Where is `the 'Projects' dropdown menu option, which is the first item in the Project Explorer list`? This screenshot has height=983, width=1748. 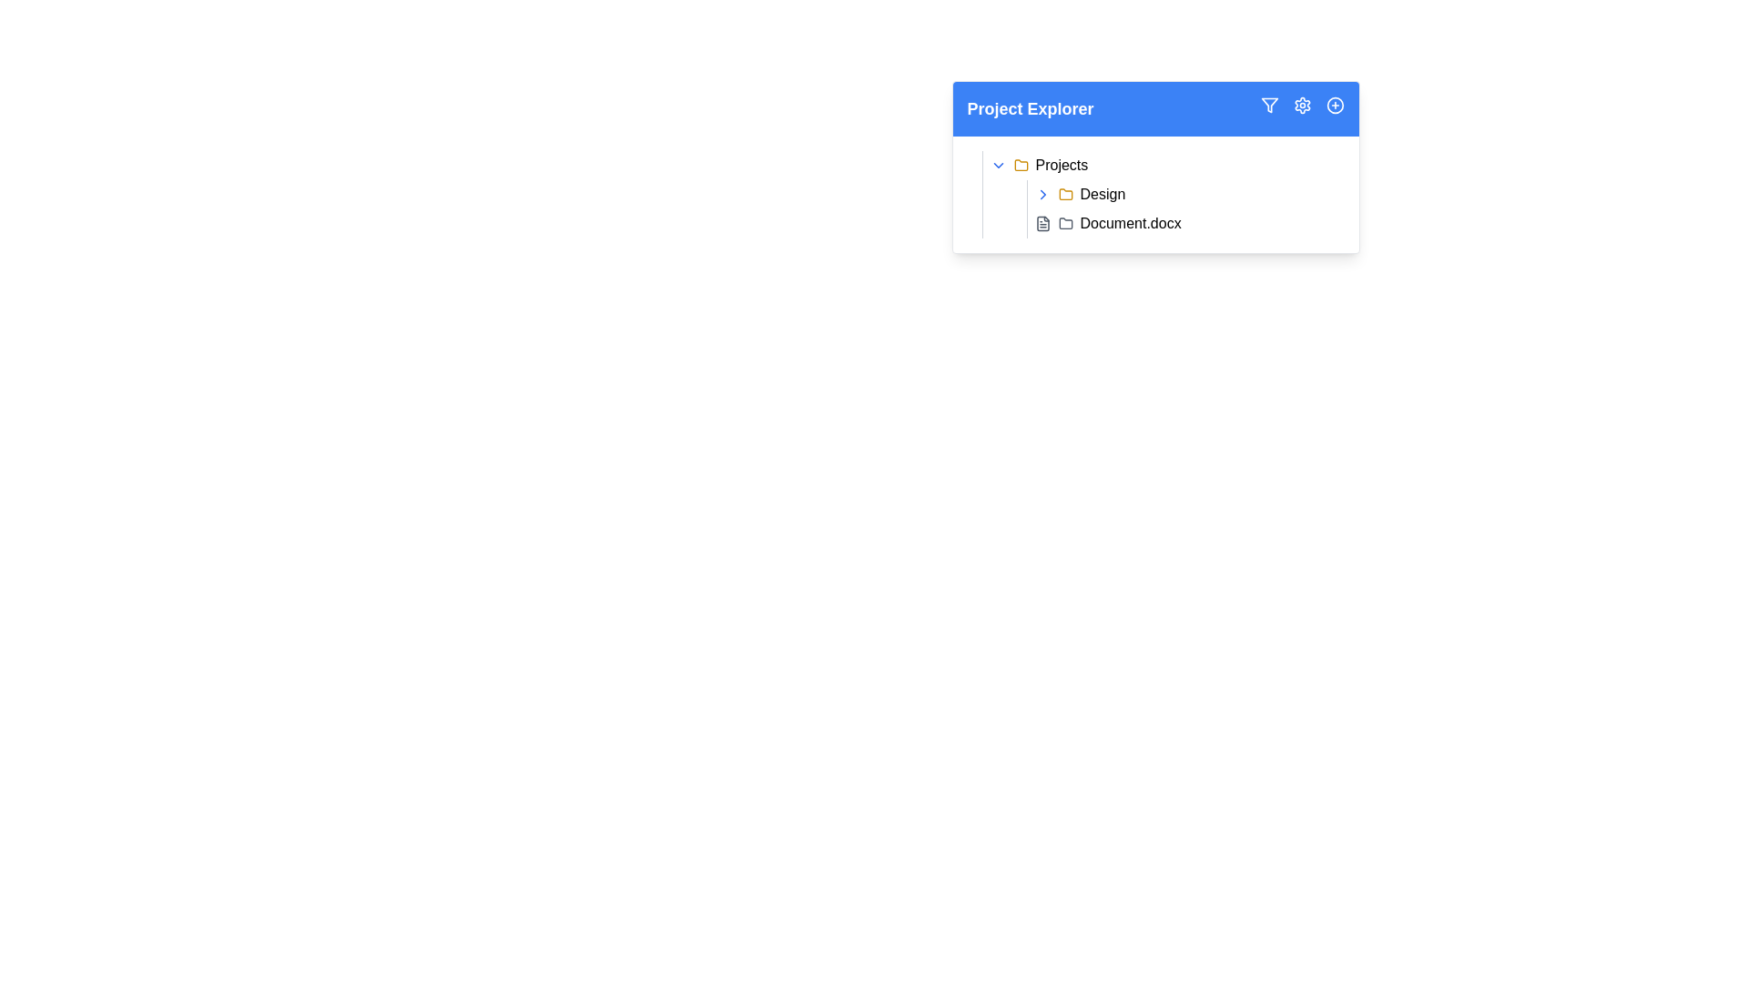 the 'Projects' dropdown menu option, which is the first item in the Project Explorer list is located at coordinates (1162, 165).